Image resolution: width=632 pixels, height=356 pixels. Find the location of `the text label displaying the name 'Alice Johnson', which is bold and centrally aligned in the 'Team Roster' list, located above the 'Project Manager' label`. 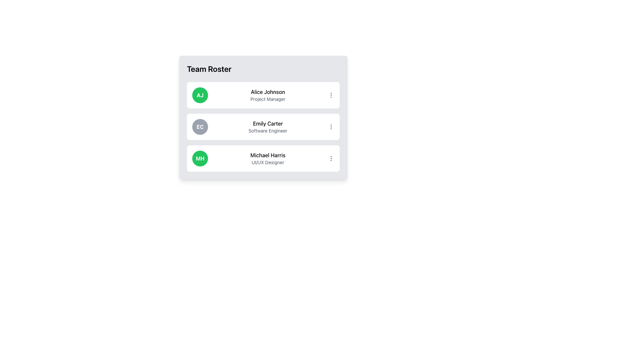

the text label displaying the name 'Alice Johnson', which is bold and centrally aligned in the 'Team Roster' list, located above the 'Project Manager' label is located at coordinates (268, 92).